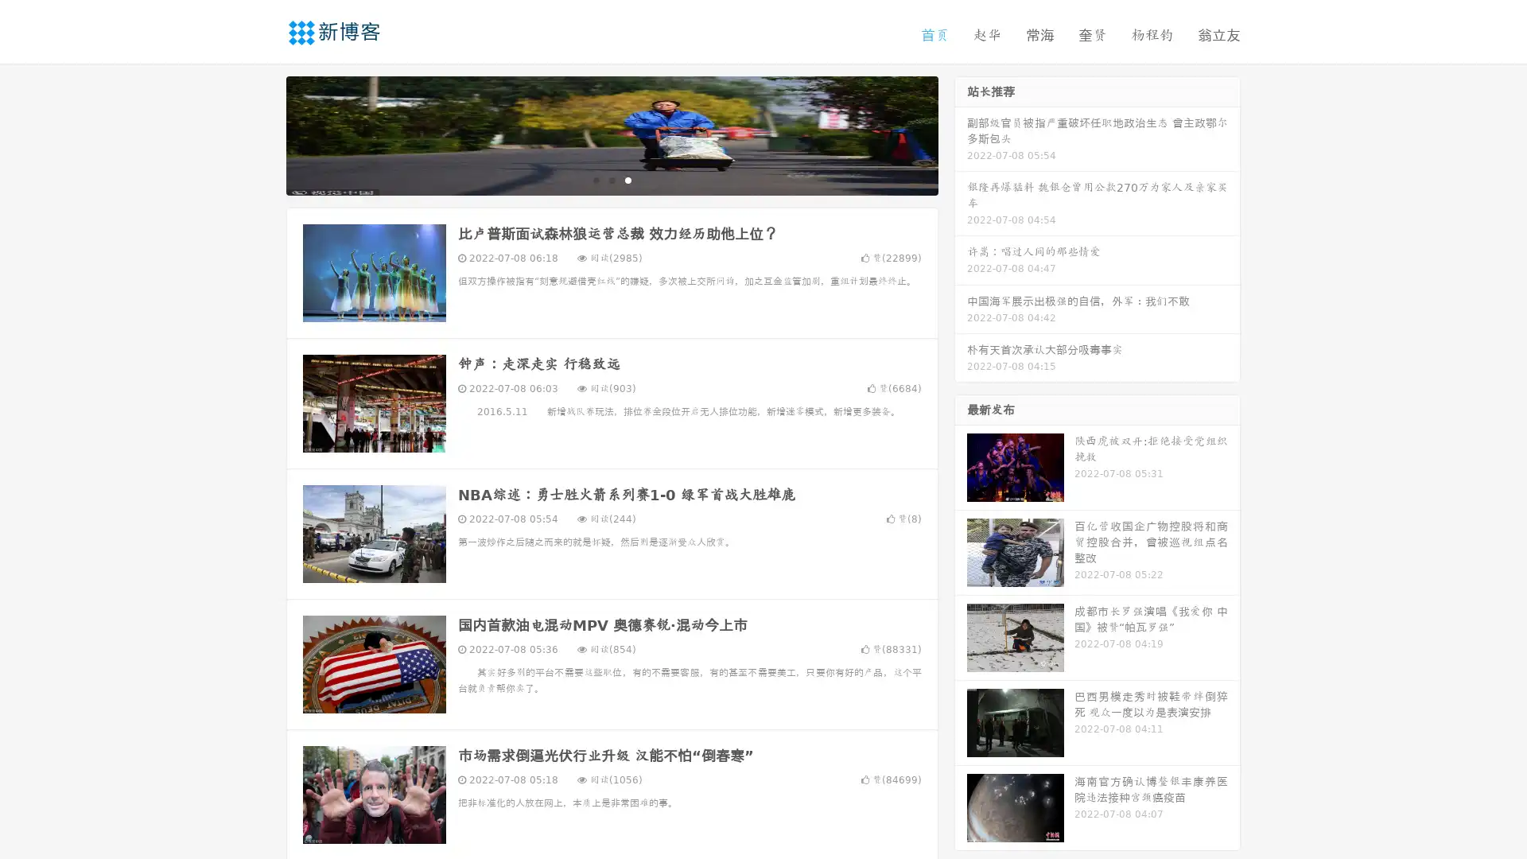  What do you see at coordinates (611, 179) in the screenshot?
I see `Go to slide 2` at bounding box center [611, 179].